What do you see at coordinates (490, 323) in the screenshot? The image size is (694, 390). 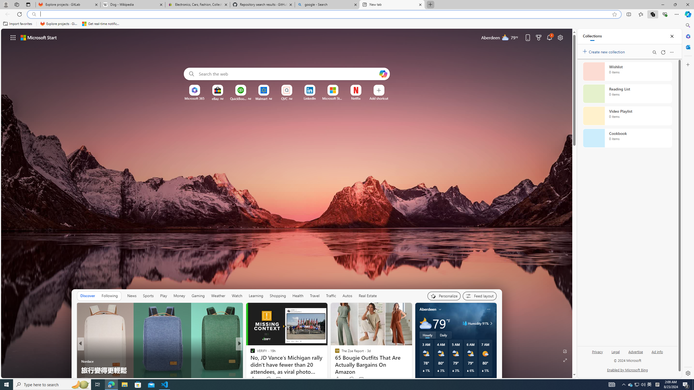 I see `'Humidity 91%'` at bounding box center [490, 323].